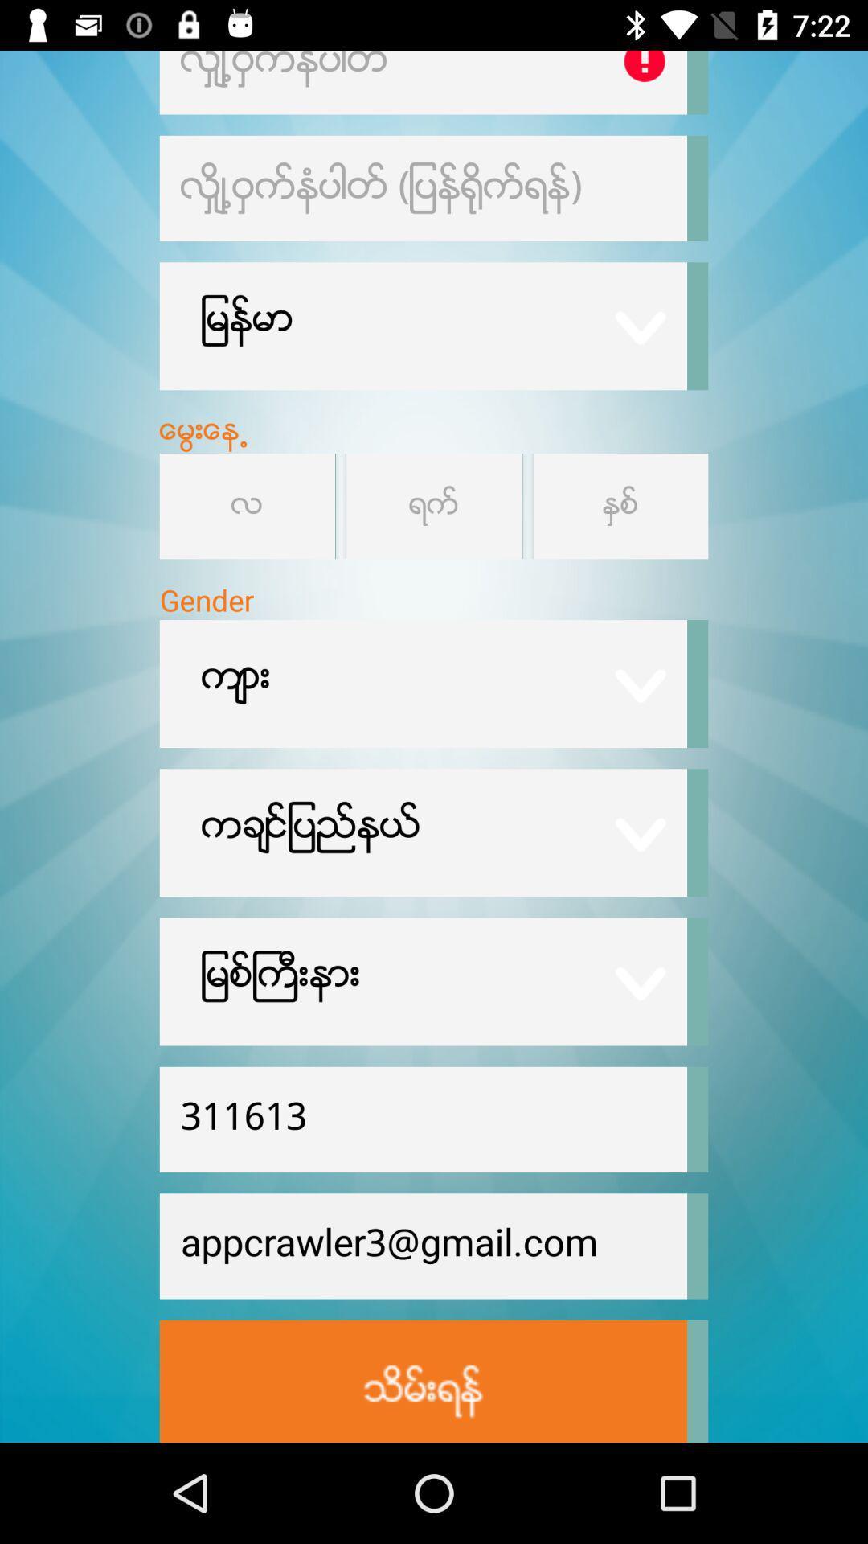 This screenshot has width=868, height=1544. Describe the element at coordinates (422, 1380) in the screenshot. I see `sign up button` at that location.